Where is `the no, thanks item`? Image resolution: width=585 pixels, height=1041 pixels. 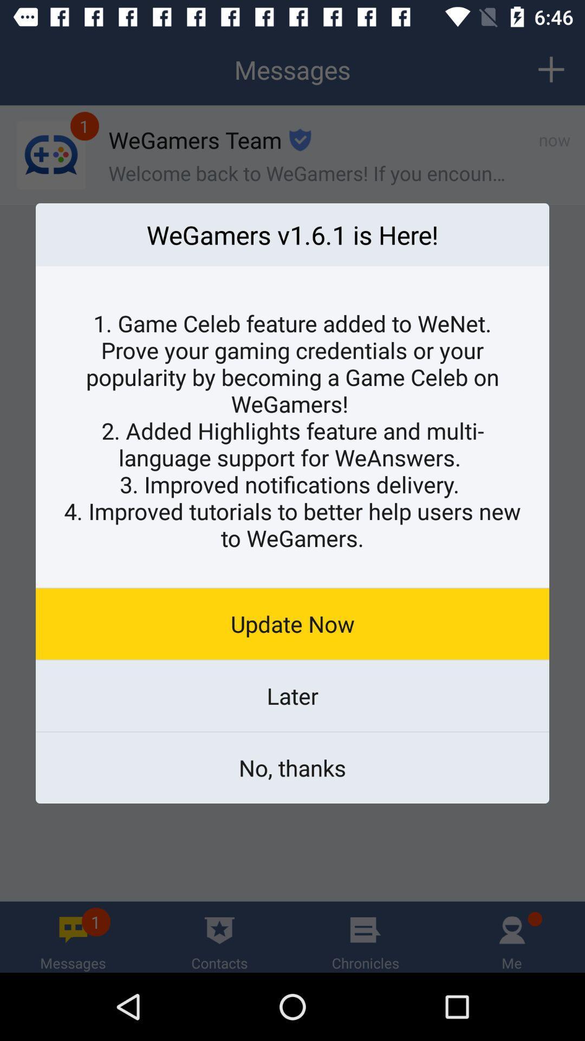 the no, thanks item is located at coordinates (292, 767).